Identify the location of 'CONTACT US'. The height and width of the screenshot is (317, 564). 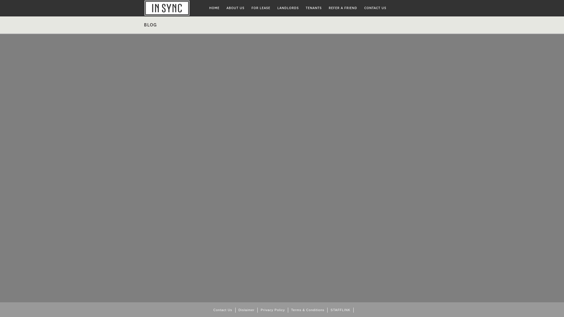
(375, 8).